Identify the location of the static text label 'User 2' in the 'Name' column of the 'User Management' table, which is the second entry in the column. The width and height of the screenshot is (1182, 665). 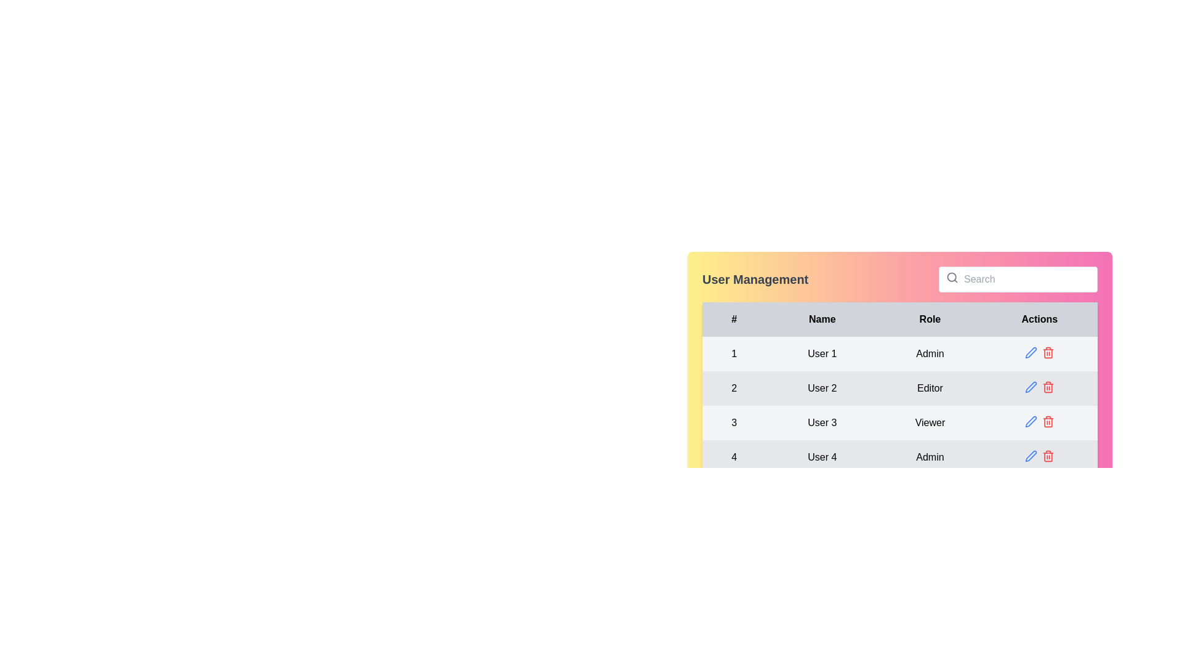
(822, 389).